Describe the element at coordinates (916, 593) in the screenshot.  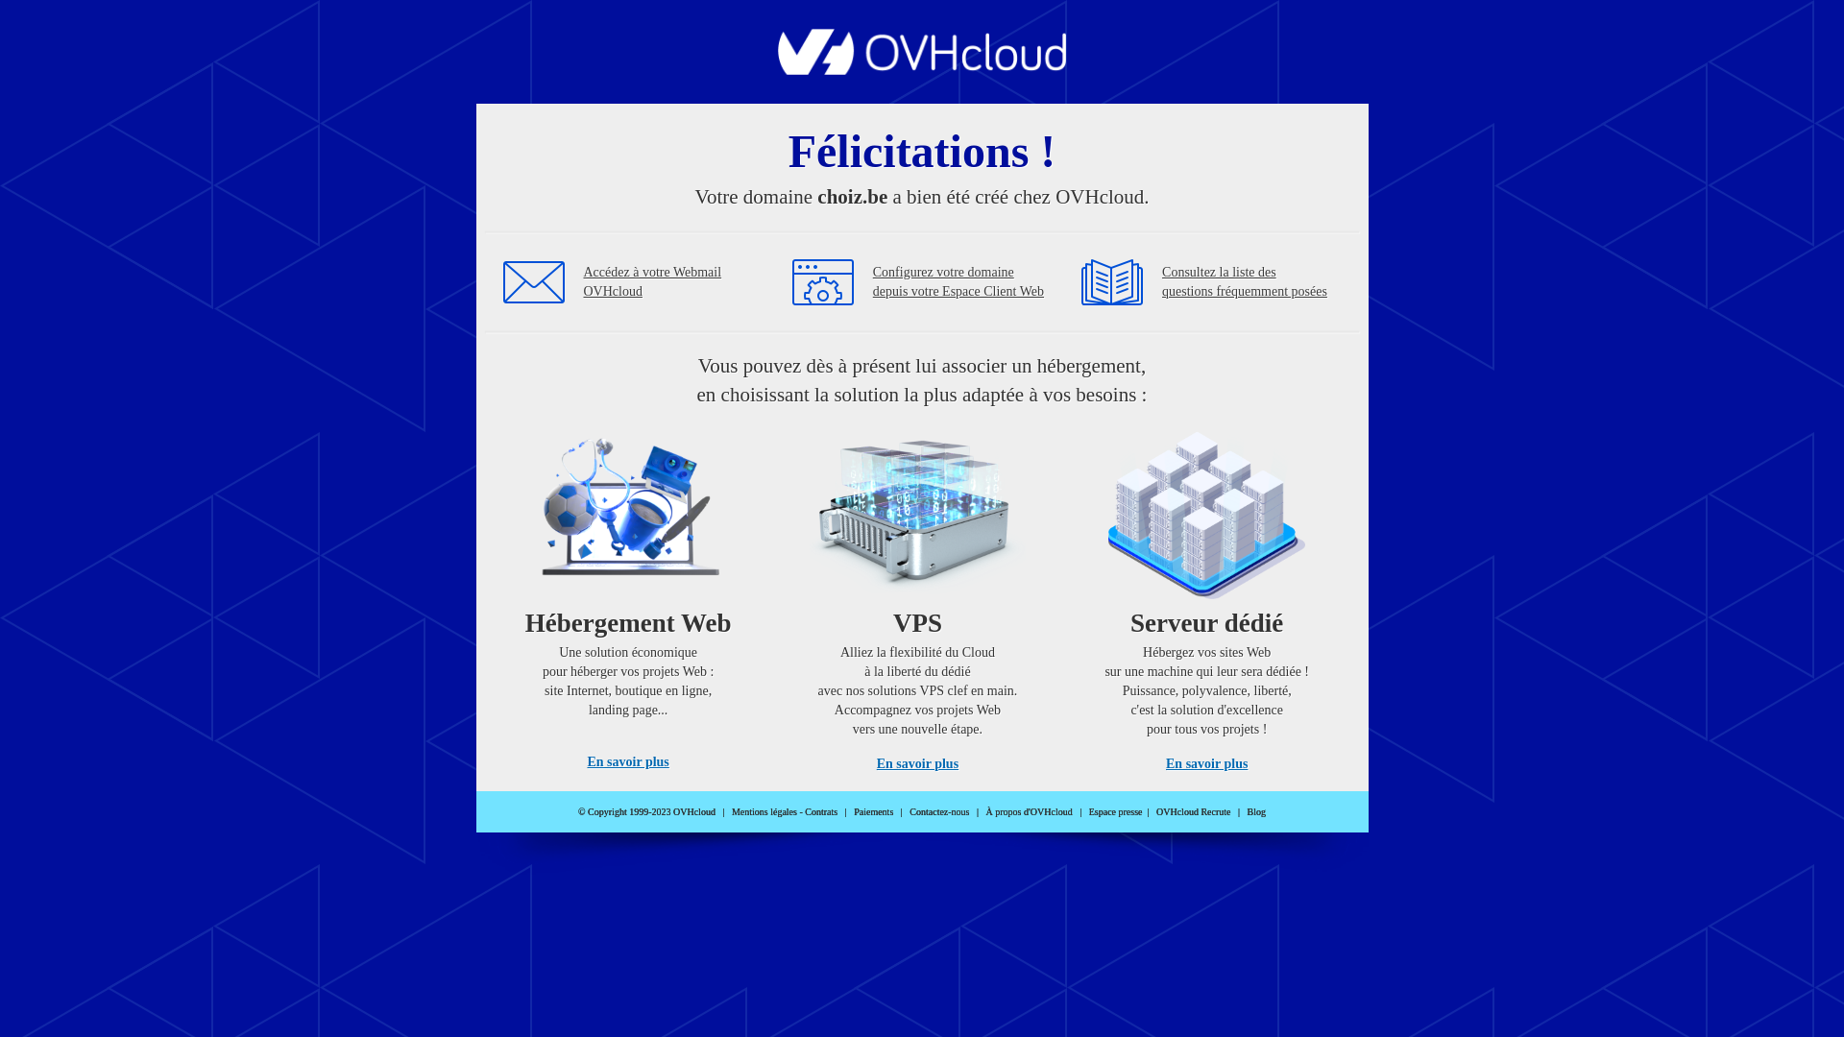
I see `'VPS'` at that location.